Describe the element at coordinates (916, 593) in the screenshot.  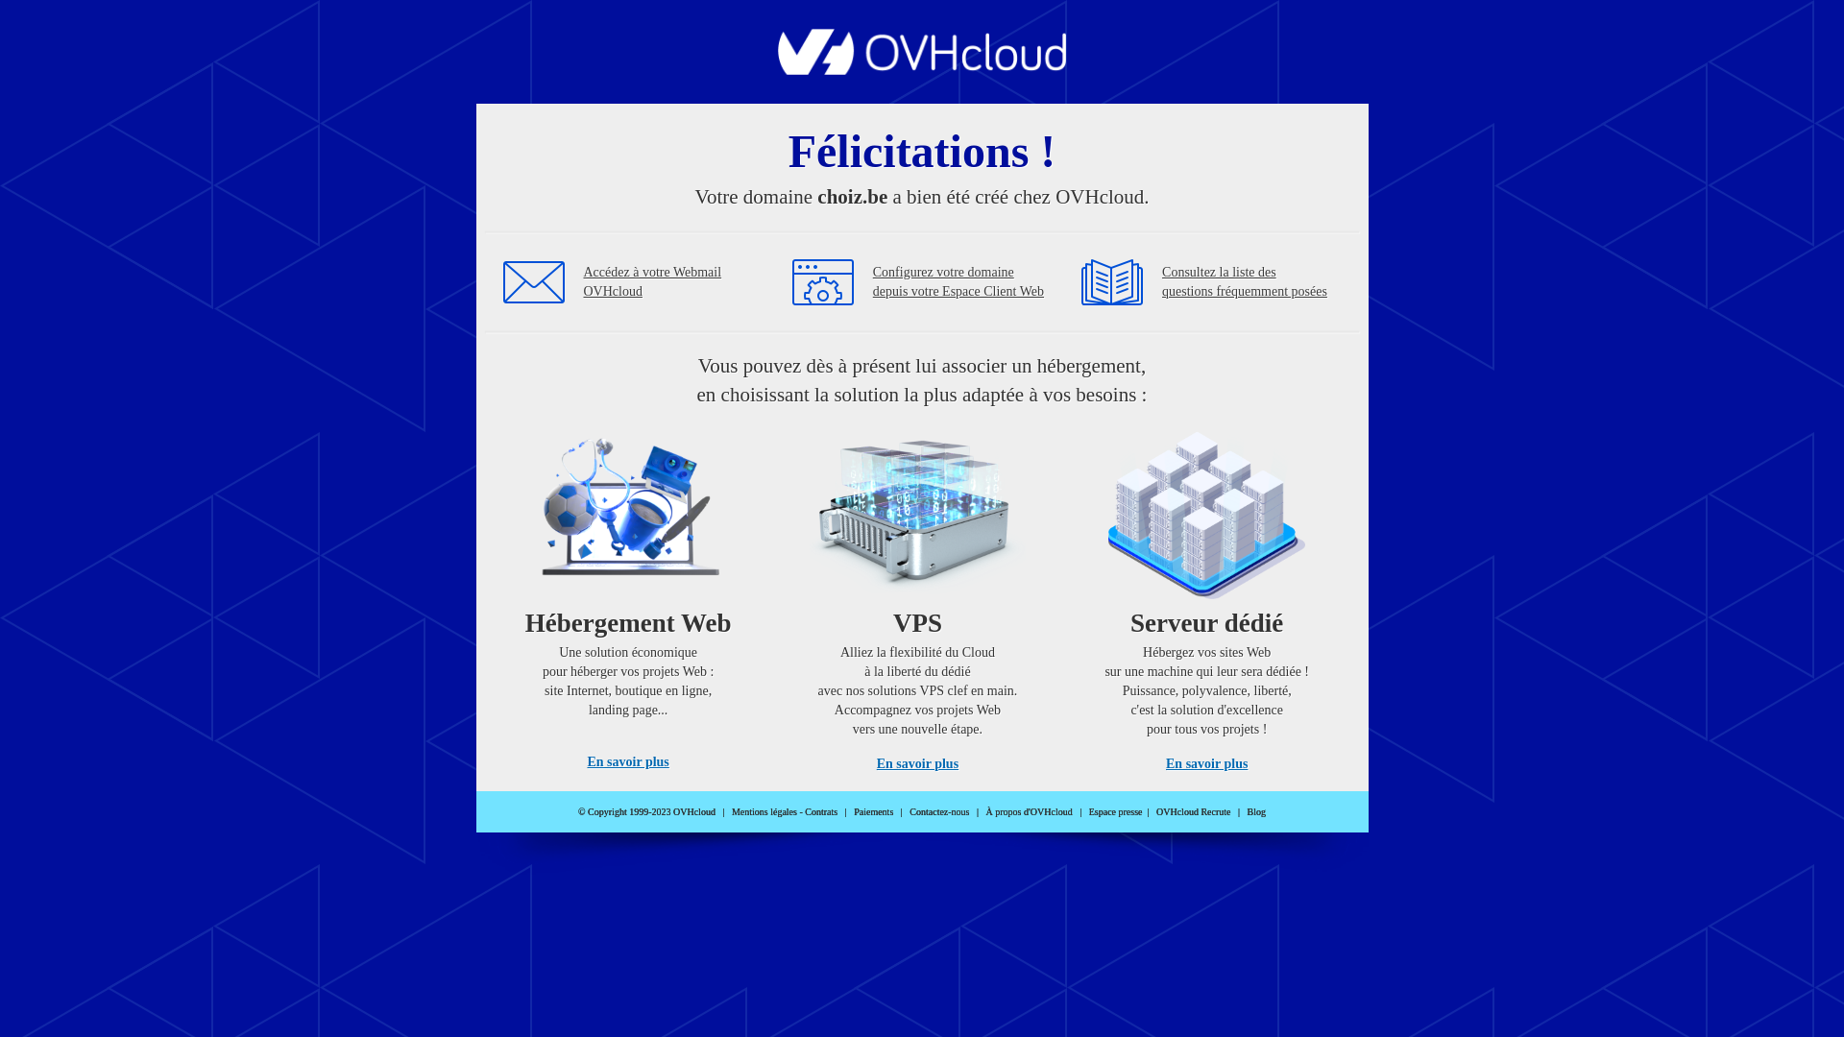
I see `'VPS'` at that location.